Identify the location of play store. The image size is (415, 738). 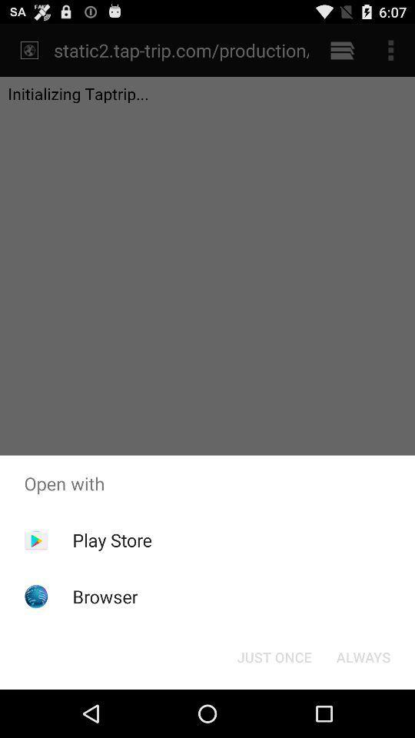
(111, 540).